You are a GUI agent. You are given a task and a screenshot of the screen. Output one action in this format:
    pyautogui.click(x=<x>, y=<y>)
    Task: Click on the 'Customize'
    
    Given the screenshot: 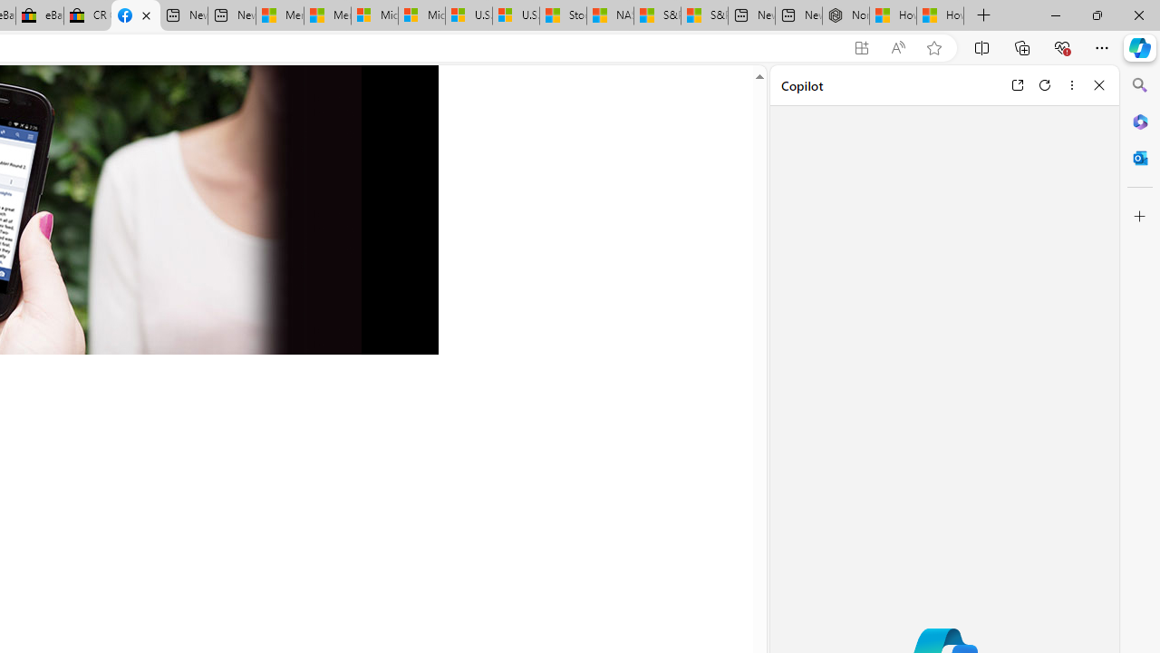 What is the action you would take?
    pyautogui.click(x=1139, y=216)
    